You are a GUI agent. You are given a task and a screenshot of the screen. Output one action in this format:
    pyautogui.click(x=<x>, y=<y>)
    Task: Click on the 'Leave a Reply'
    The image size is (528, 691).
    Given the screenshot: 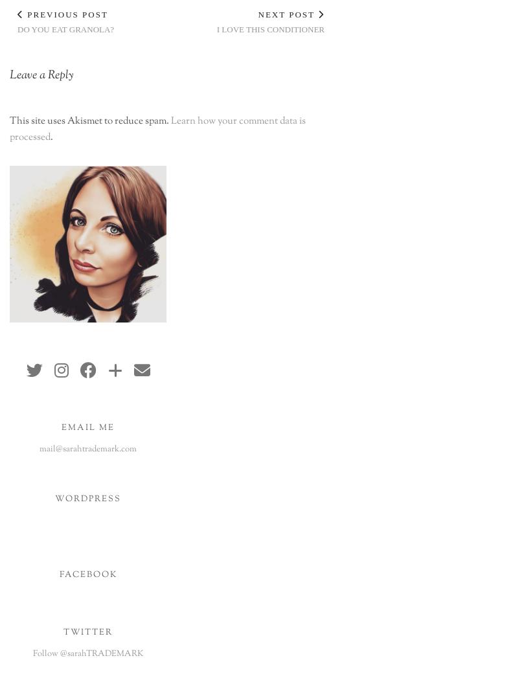 What is the action you would take?
    pyautogui.click(x=40, y=75)
    